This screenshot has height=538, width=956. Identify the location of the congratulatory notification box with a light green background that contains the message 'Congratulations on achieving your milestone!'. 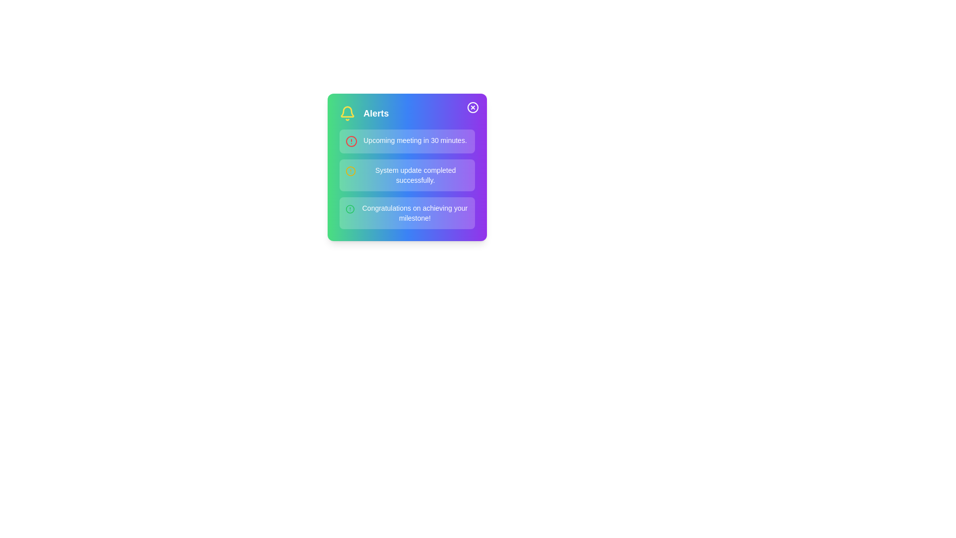
(407, 213).